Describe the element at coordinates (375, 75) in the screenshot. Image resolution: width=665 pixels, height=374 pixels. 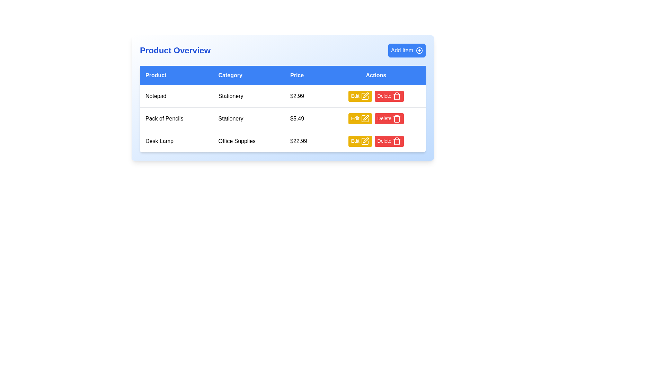
I see `the 'Actions' text label, which is a rectangular area displaying the text in white on a blue background, styled with a bold font and located to the right of the 'Price' header` at that location.